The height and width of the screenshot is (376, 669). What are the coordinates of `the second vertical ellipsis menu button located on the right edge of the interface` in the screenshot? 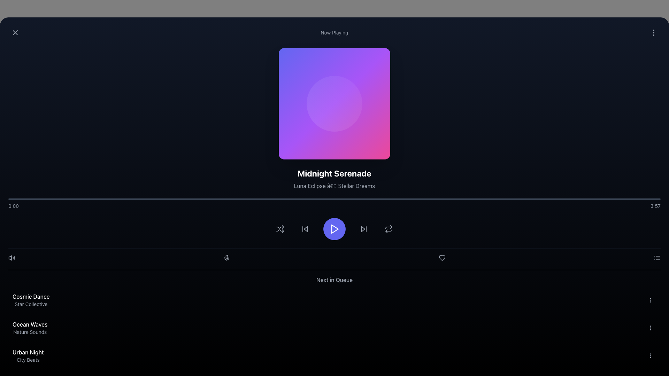 It's located at (650, 299).